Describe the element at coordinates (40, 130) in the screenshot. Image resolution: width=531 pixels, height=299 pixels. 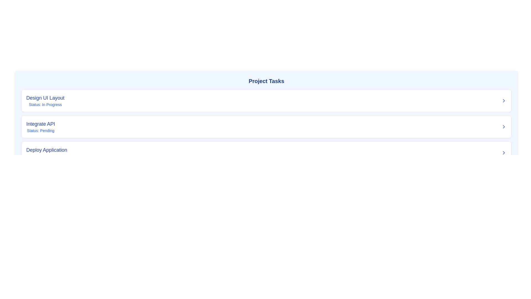
I see `text content of the status label that displays 'Status: Pending', which is styled in blue and located below the 'Integrate API' heading` at that location.